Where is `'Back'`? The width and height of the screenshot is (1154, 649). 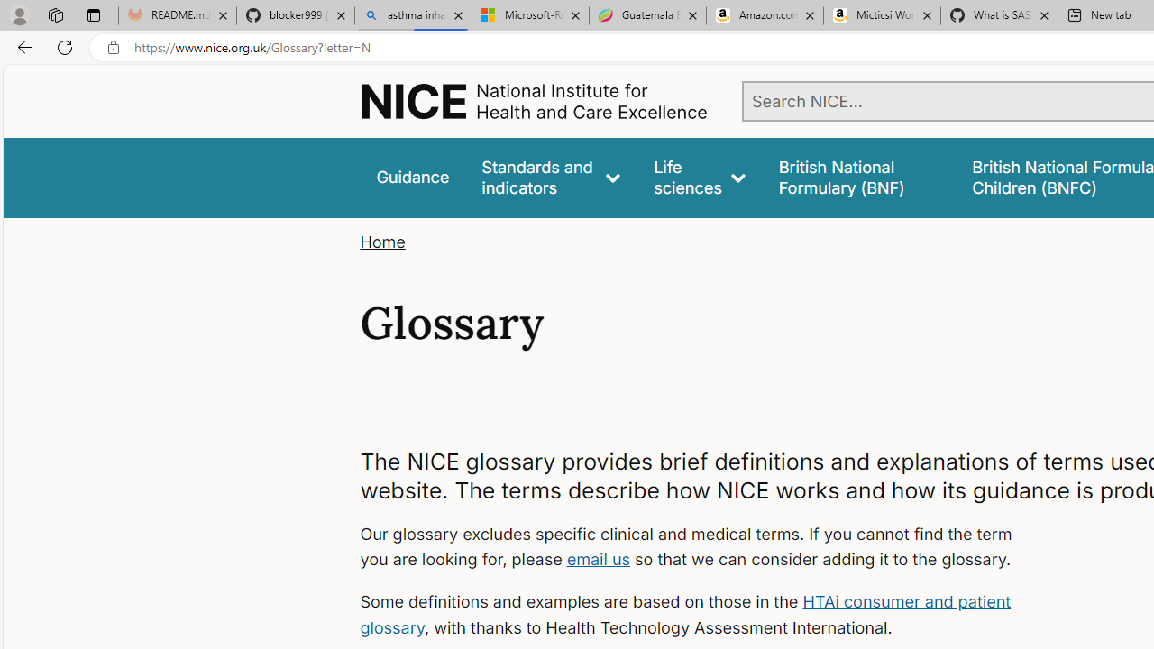
'Back' is located at coordinates (22, 46).